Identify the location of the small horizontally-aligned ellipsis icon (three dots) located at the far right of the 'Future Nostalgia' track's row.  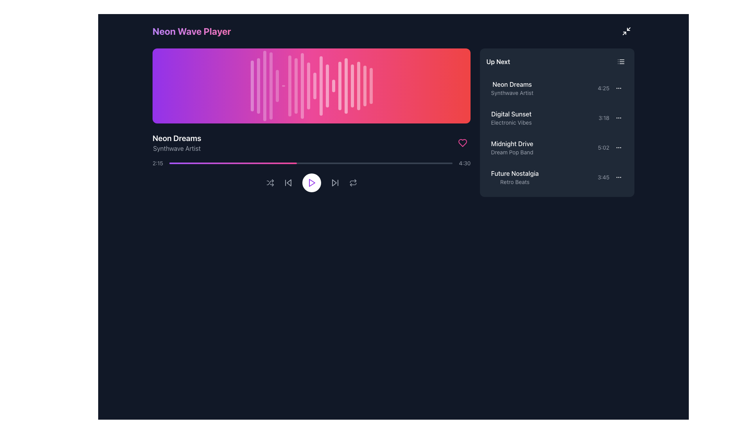
(618, 177).